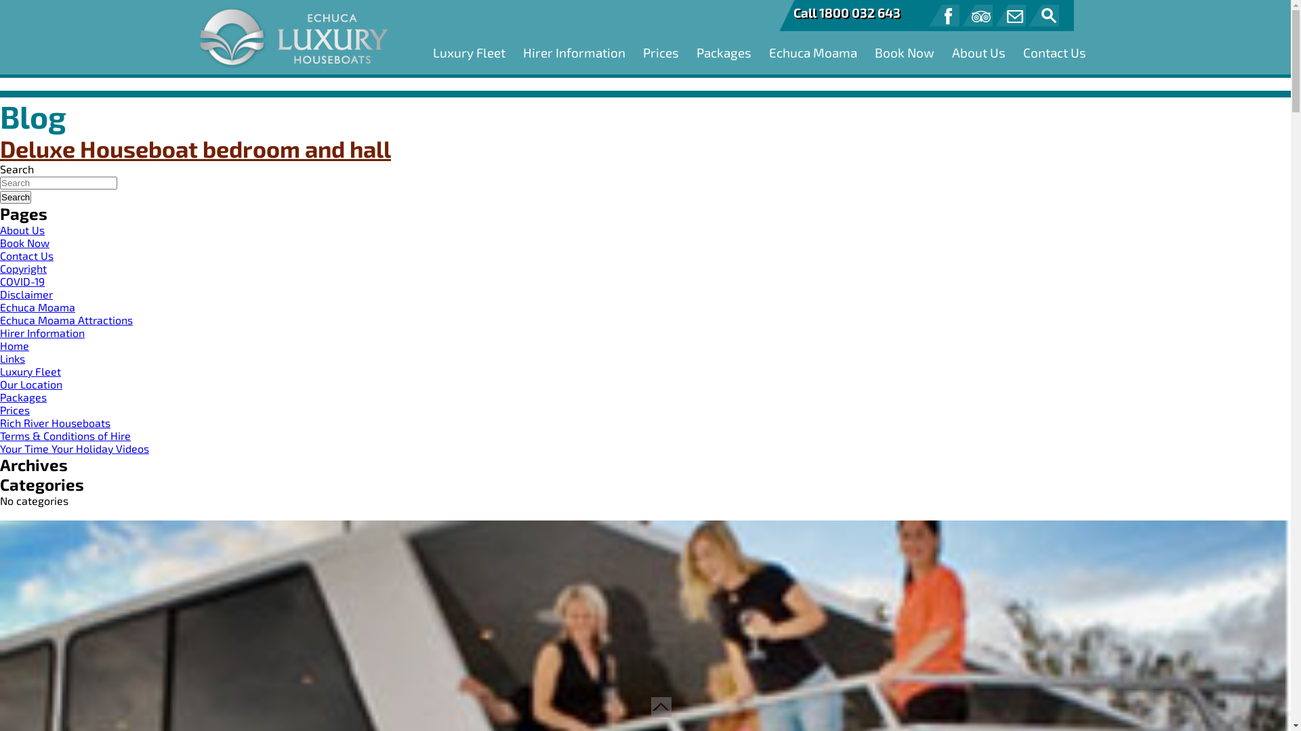  Describe the element at coordinates (845, 12) in the screenshot. I see `'Call 1800 032 643'` at that location.